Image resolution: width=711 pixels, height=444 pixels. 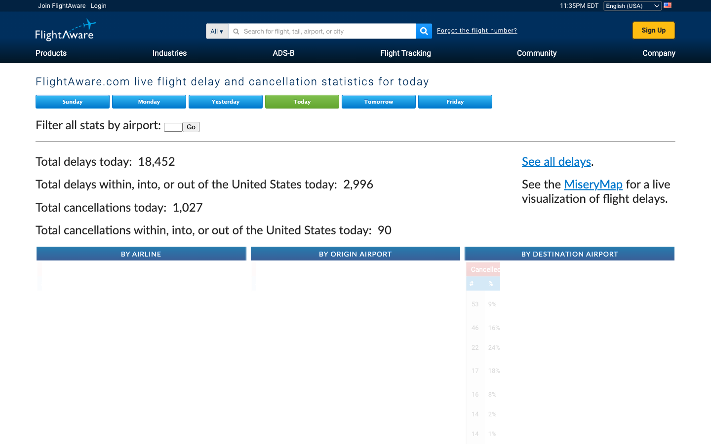 I want to click on the "forgot flight number" support, so click(x=476, y=30).